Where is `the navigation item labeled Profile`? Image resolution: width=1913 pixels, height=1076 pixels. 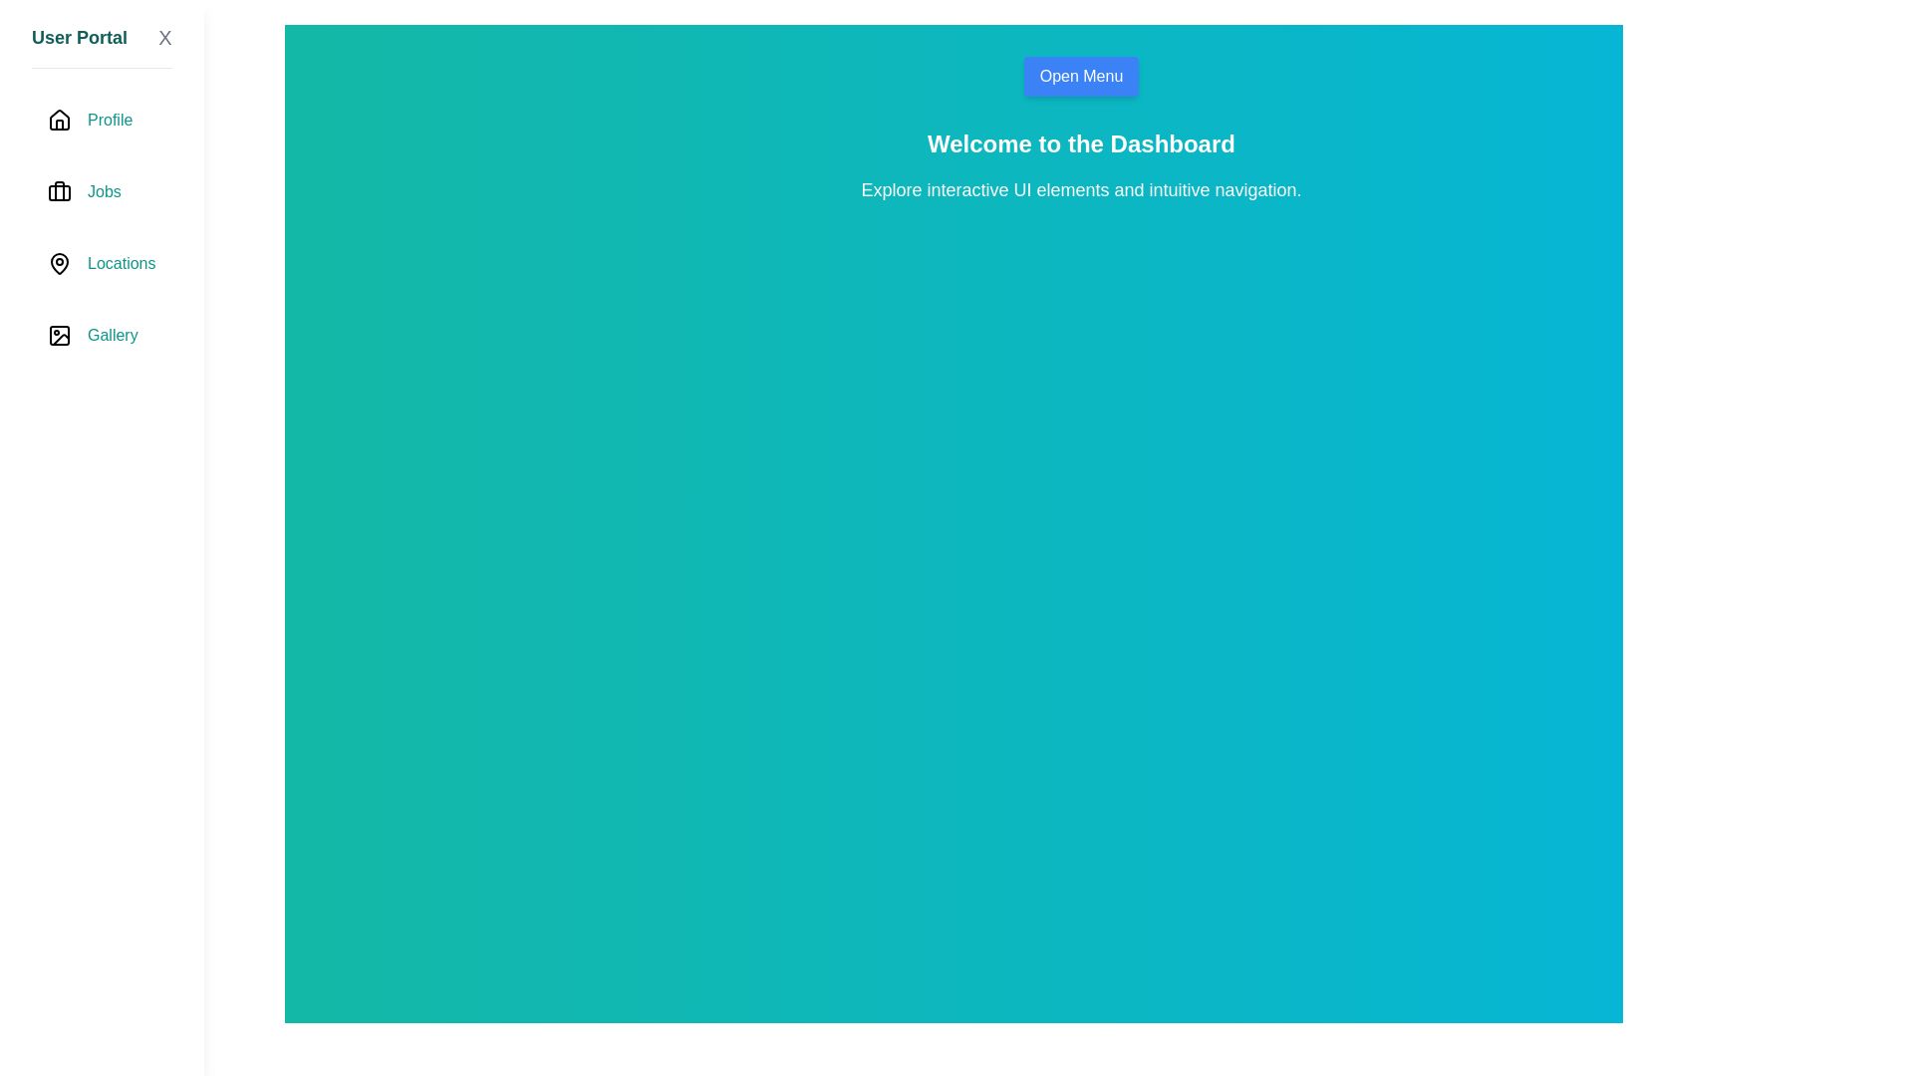
the navigation item labeled Profile is located at coordinates (101, 120).